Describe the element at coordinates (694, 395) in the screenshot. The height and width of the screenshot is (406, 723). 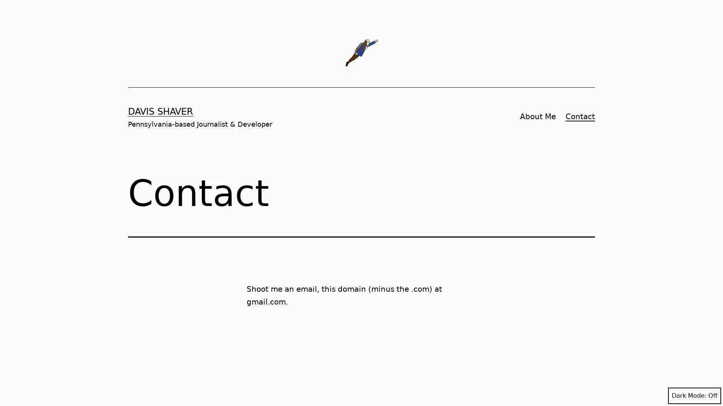
I see `Dark Mode:` at that location.